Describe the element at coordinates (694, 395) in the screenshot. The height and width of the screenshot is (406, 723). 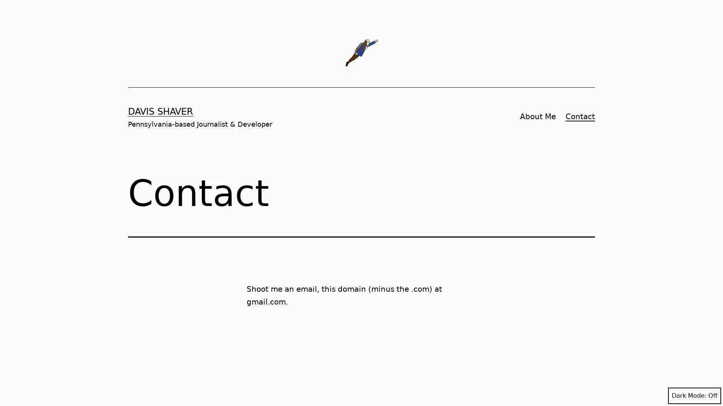
I see `Dark Mode:` at that location.